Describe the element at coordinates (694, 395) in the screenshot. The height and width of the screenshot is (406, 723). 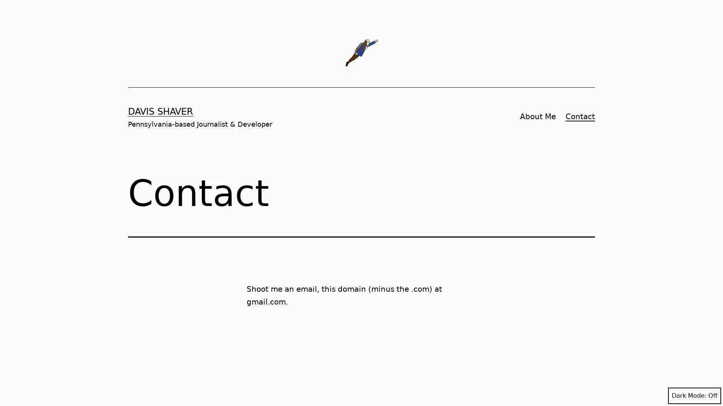
I see `Dark Mode:` at that location.